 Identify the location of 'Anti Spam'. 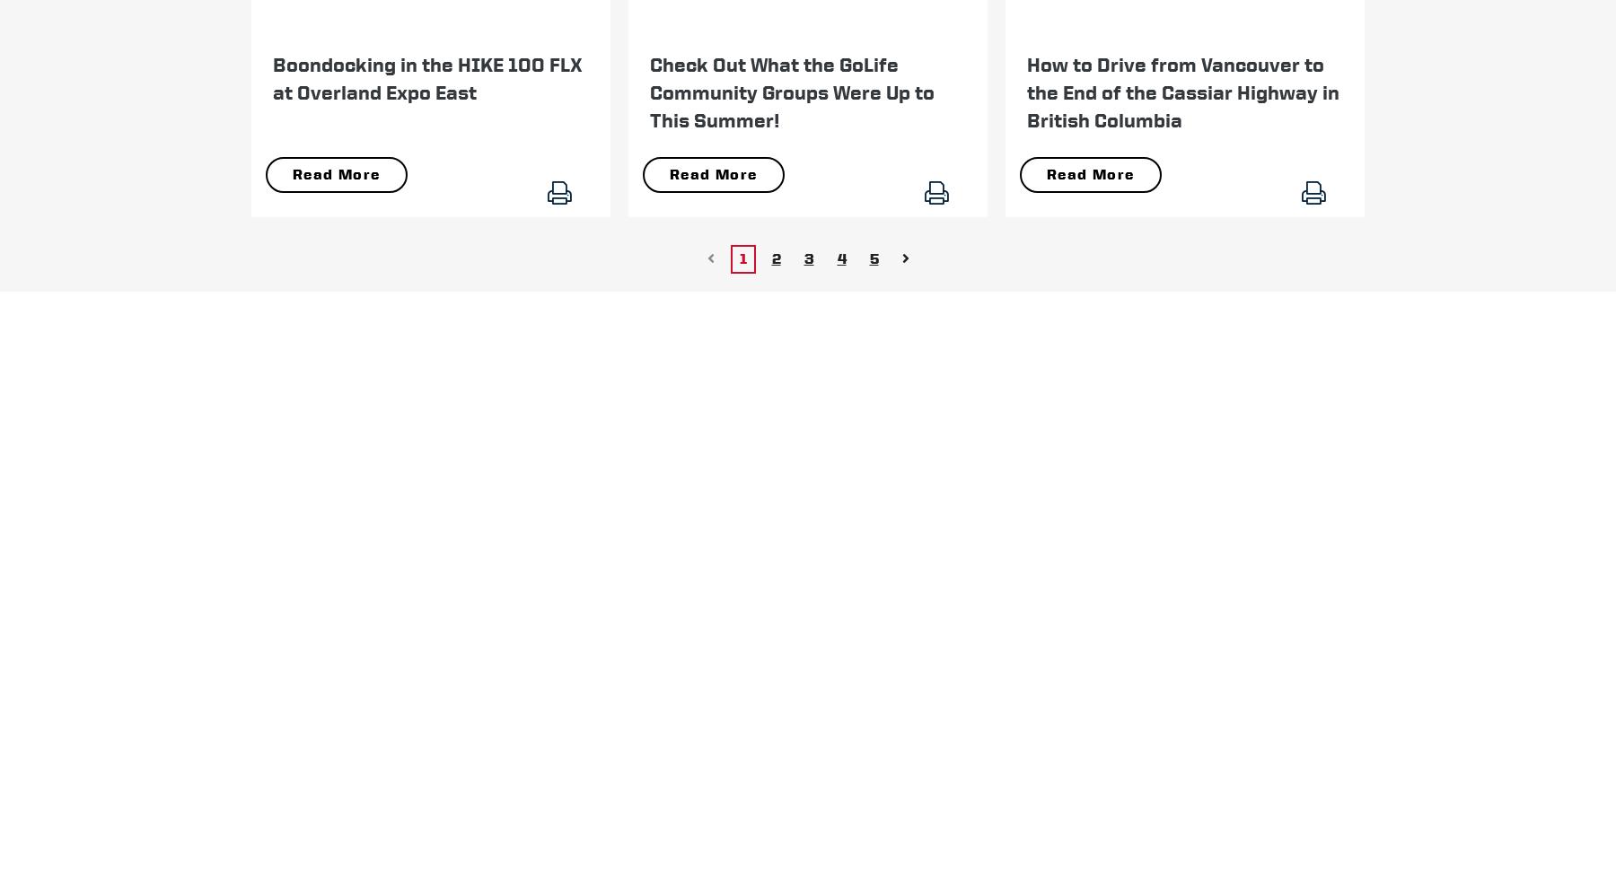
(1194, 427).